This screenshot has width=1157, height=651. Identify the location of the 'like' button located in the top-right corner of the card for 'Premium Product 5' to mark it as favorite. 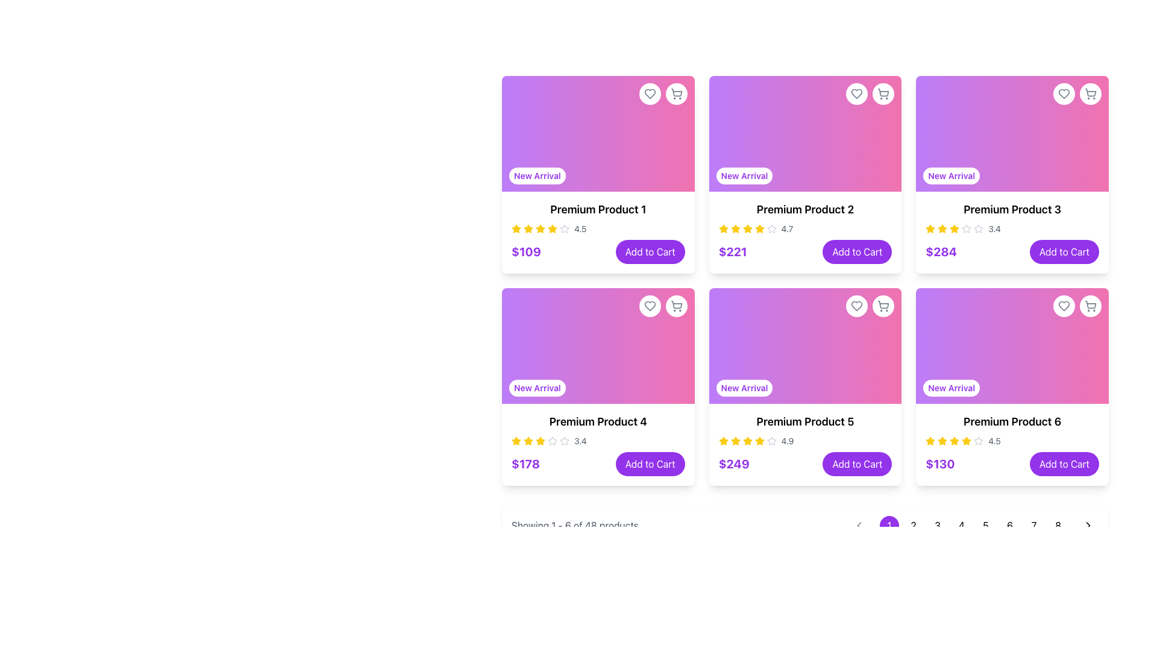
(856, 306).